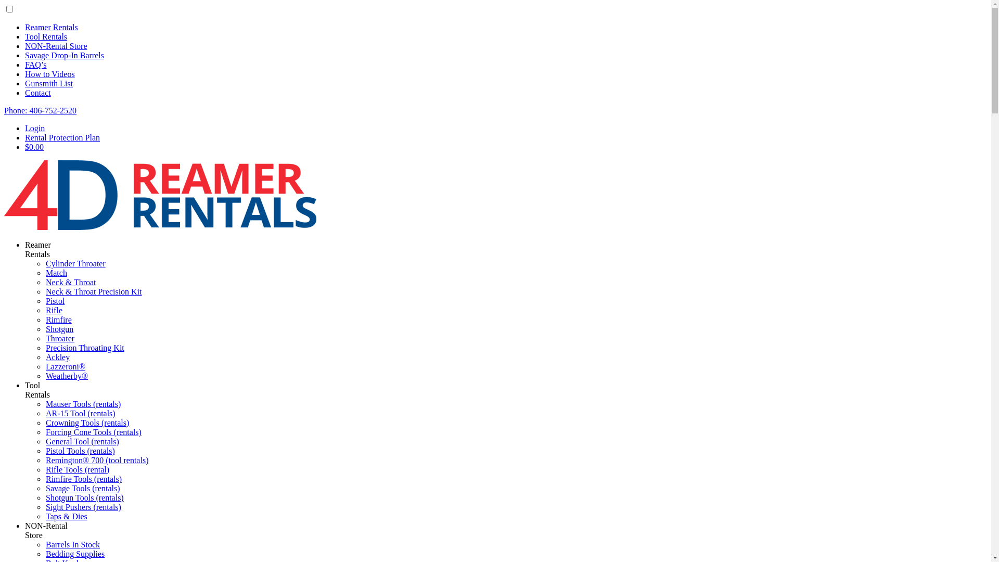 The width and height of the screenshot is (999, 562). Describe the element at coordinates (82, 488) in the screenshot. I see `'Savage Tools (rentals)'` at that location.